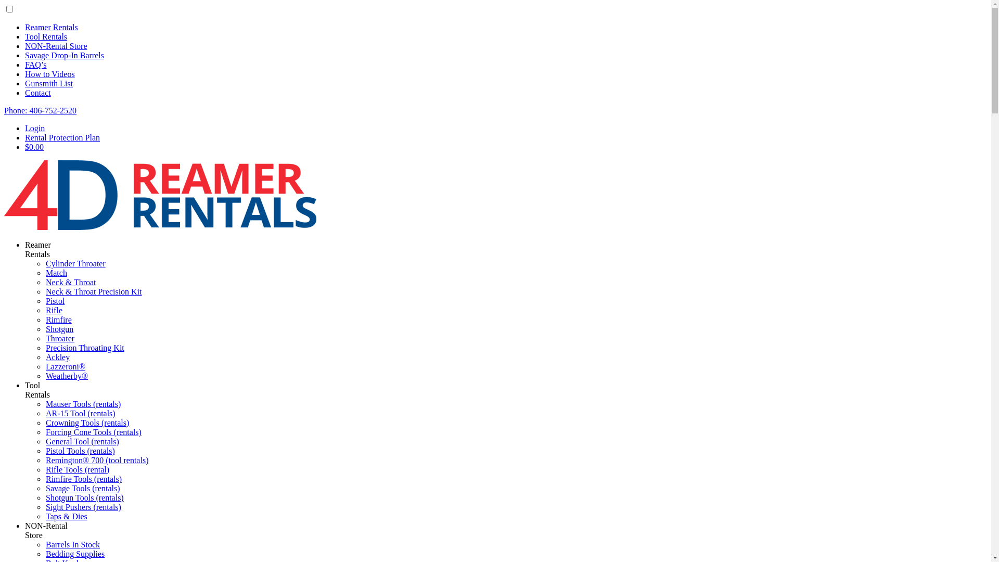 The width and height of the screenshot is (999, 562). Describe the element at coordinates (82, 488) in the screenshot. I see `'Savage Tools (rentals)'` at that location.